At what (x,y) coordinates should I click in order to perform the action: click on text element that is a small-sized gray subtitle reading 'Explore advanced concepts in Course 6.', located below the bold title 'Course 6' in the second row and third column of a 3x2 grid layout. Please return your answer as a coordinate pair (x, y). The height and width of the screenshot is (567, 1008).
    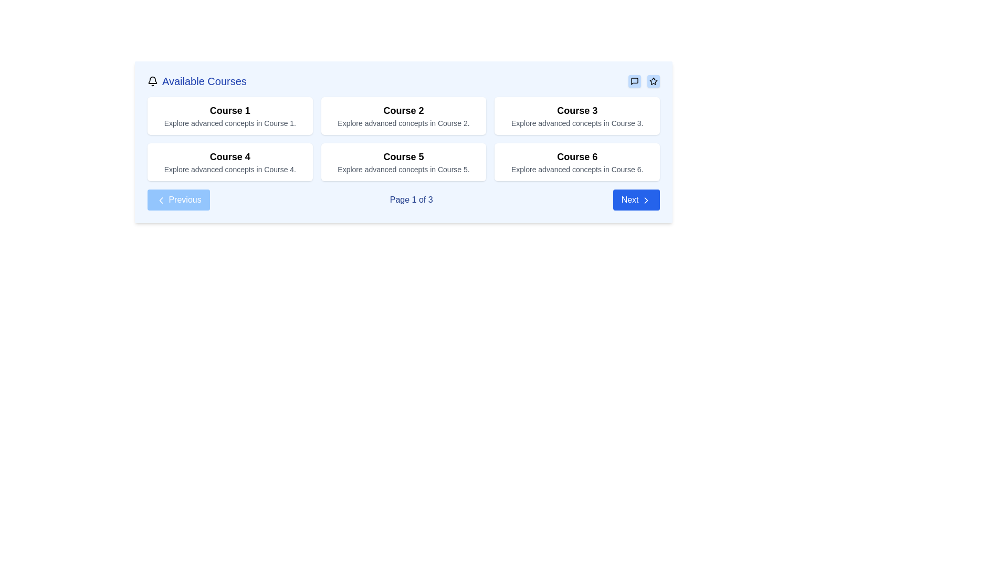
    Looking at the image, I should click on (576, 169).